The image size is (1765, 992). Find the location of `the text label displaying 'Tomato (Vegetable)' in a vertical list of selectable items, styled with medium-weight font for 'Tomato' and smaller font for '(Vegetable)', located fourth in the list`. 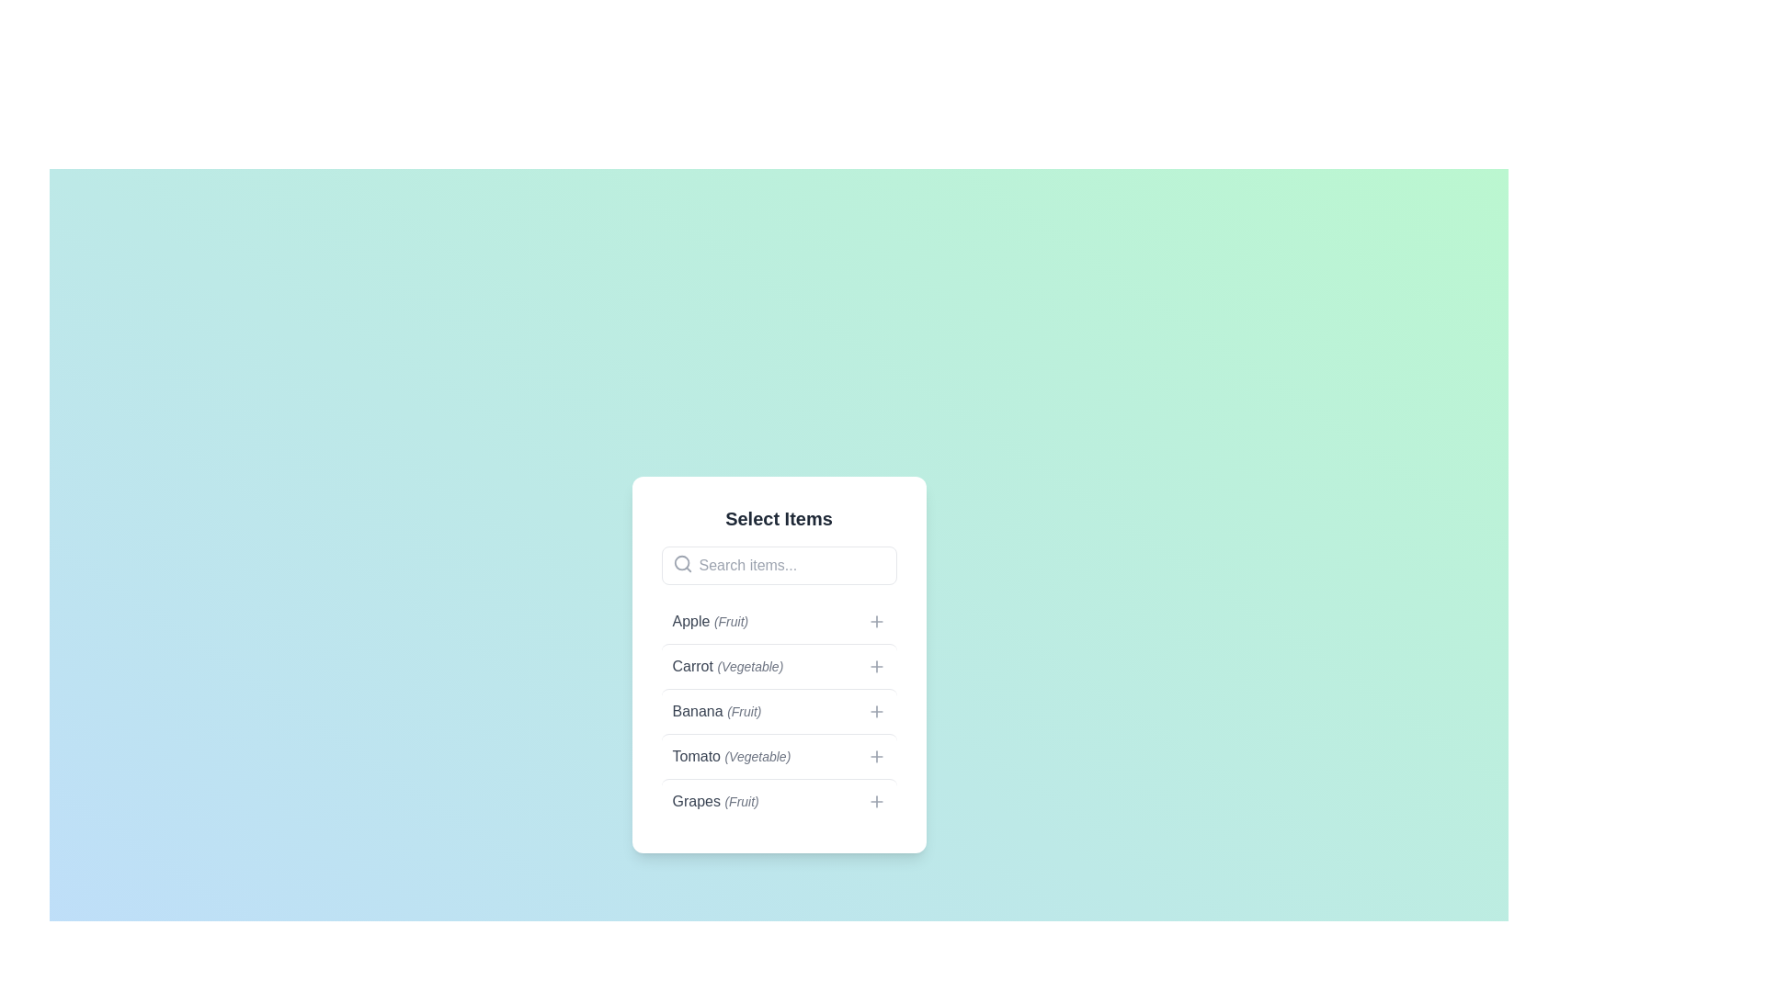

the text label displaying 'Tomato (Vegetable)' in a vertical list of selectable items, styled with medium-weight font for 'Tomato' and smaller font for '(Vegetable)', located fourth in the list is located at coordinates (730, 757).